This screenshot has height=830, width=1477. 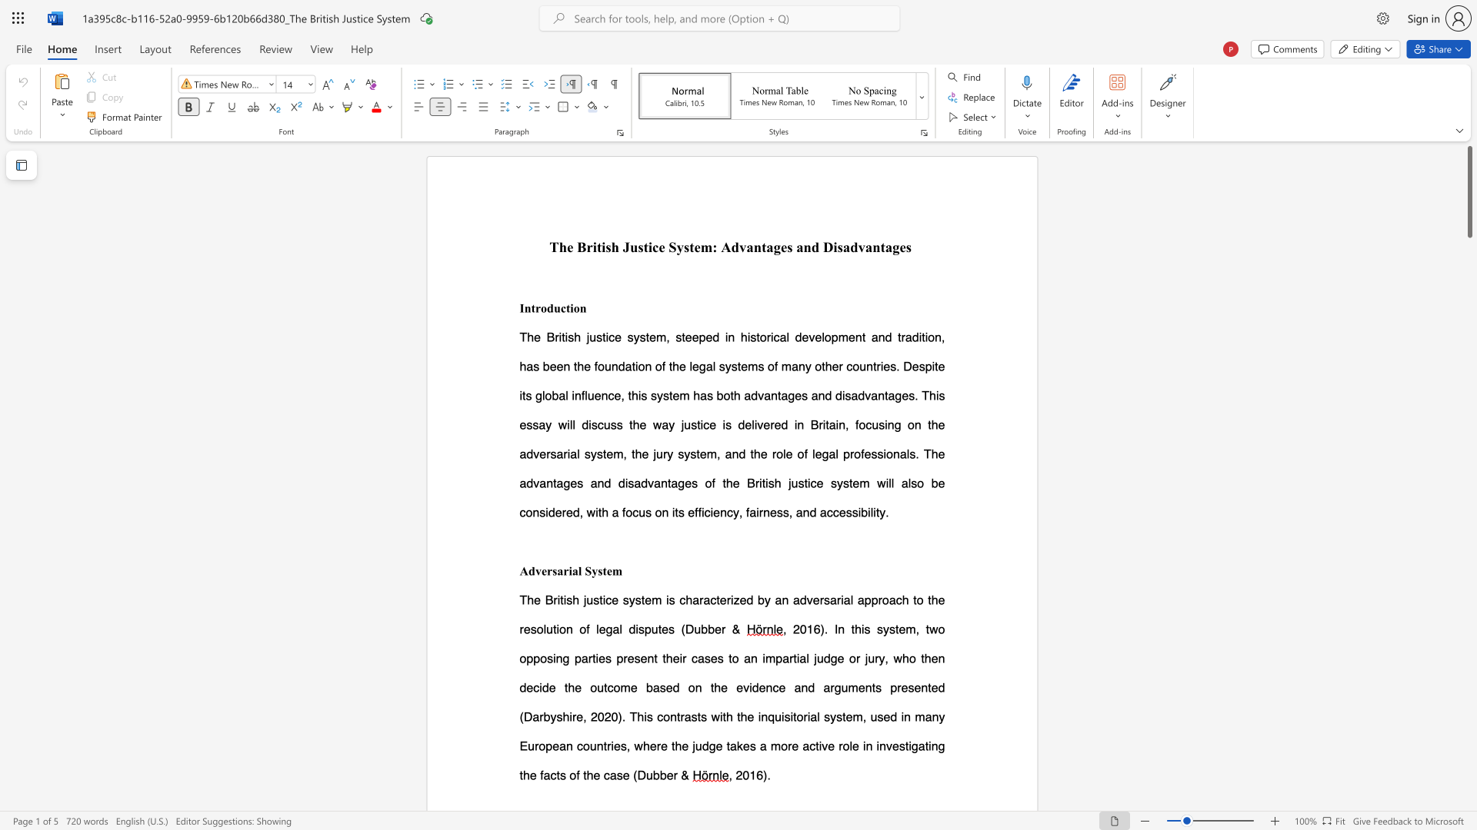 What do you see at coordinates (531, 308) in the screenshot?
I see `the subset text "troduction" within the text "Introduction"` at bounding box center [531, 308].